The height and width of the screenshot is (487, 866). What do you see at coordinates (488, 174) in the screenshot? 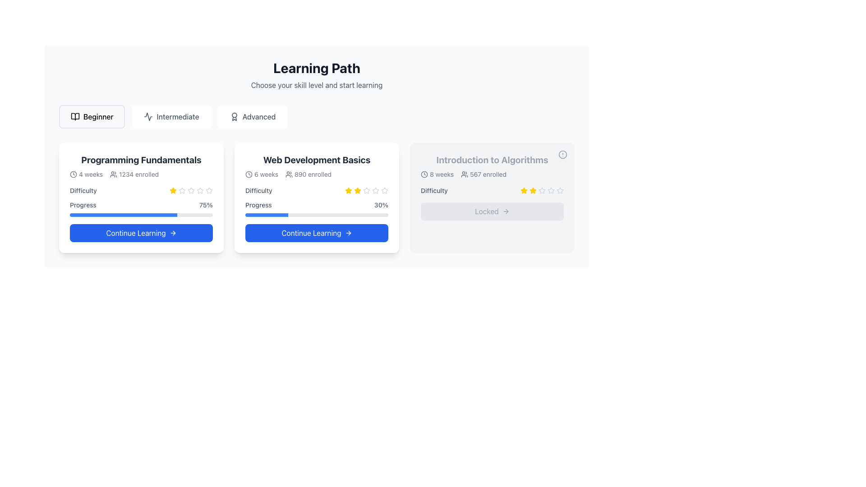
I see `enrollment information displayed as '567 enrolled' in the third card titled 'Introduction to Algorithms'` at bounding box center [488, 174].